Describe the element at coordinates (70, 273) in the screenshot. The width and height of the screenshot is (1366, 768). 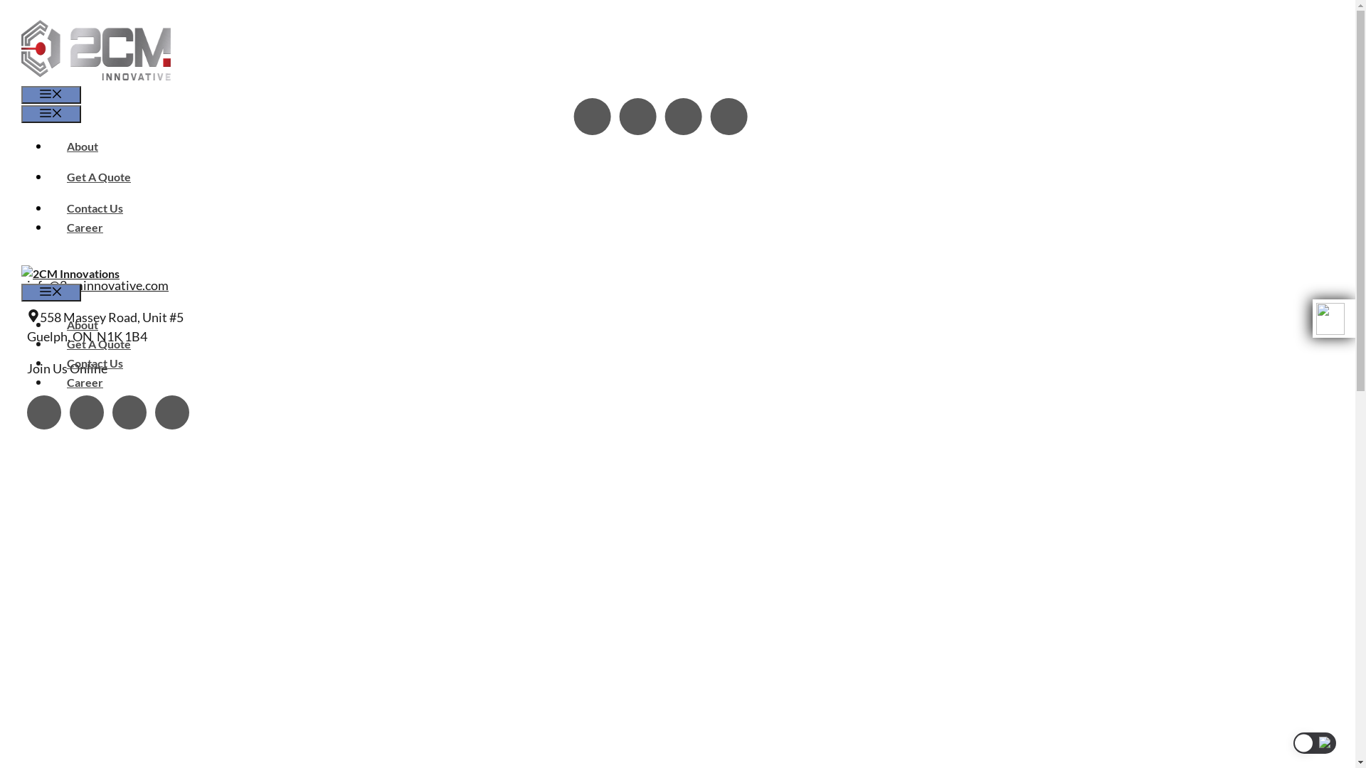
I see `'2CM Innovations'` at that location.